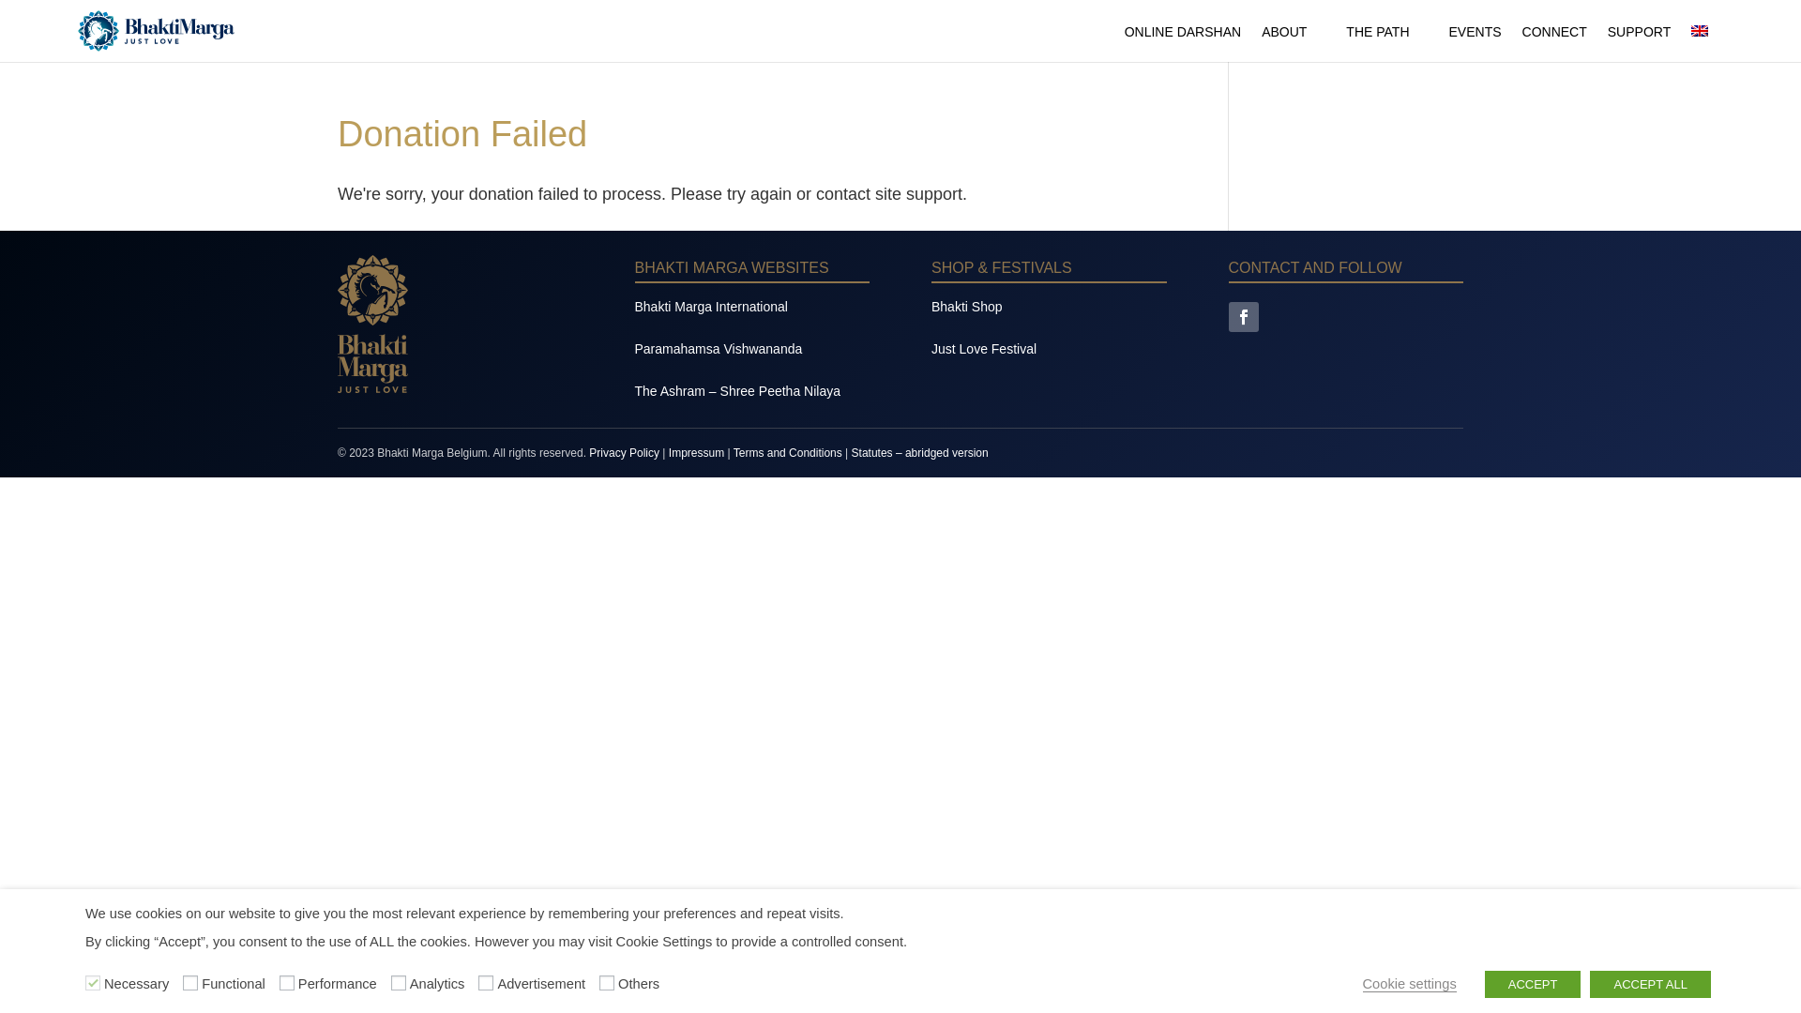  Describe the element at coordinates (1475, 42) in the screenshot. I see `'EVENTS'` at that location.